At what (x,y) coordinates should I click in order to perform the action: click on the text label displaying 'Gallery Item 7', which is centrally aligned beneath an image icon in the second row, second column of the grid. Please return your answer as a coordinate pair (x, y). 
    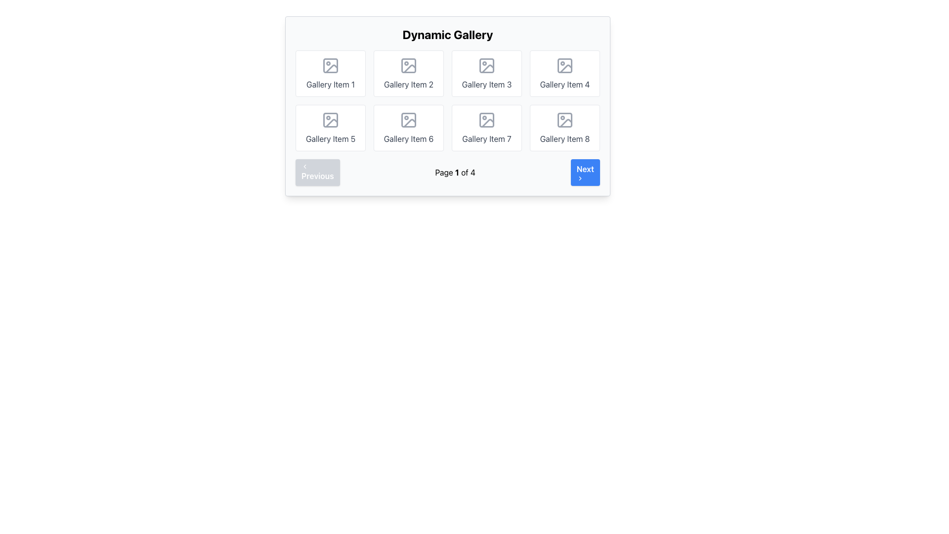
    Looking at the image, I should click on (486, 139).